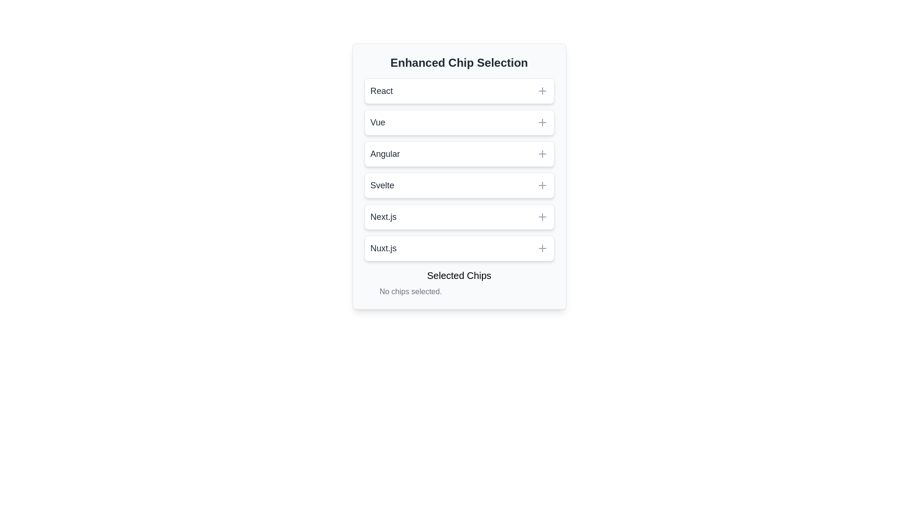  Describe the element at coordinates (459, 276) in the screenshot. I see `the text label displaying 'Selected Chips', which serves as a section title and is centrally aligned above 'No chips selected'` at that location.